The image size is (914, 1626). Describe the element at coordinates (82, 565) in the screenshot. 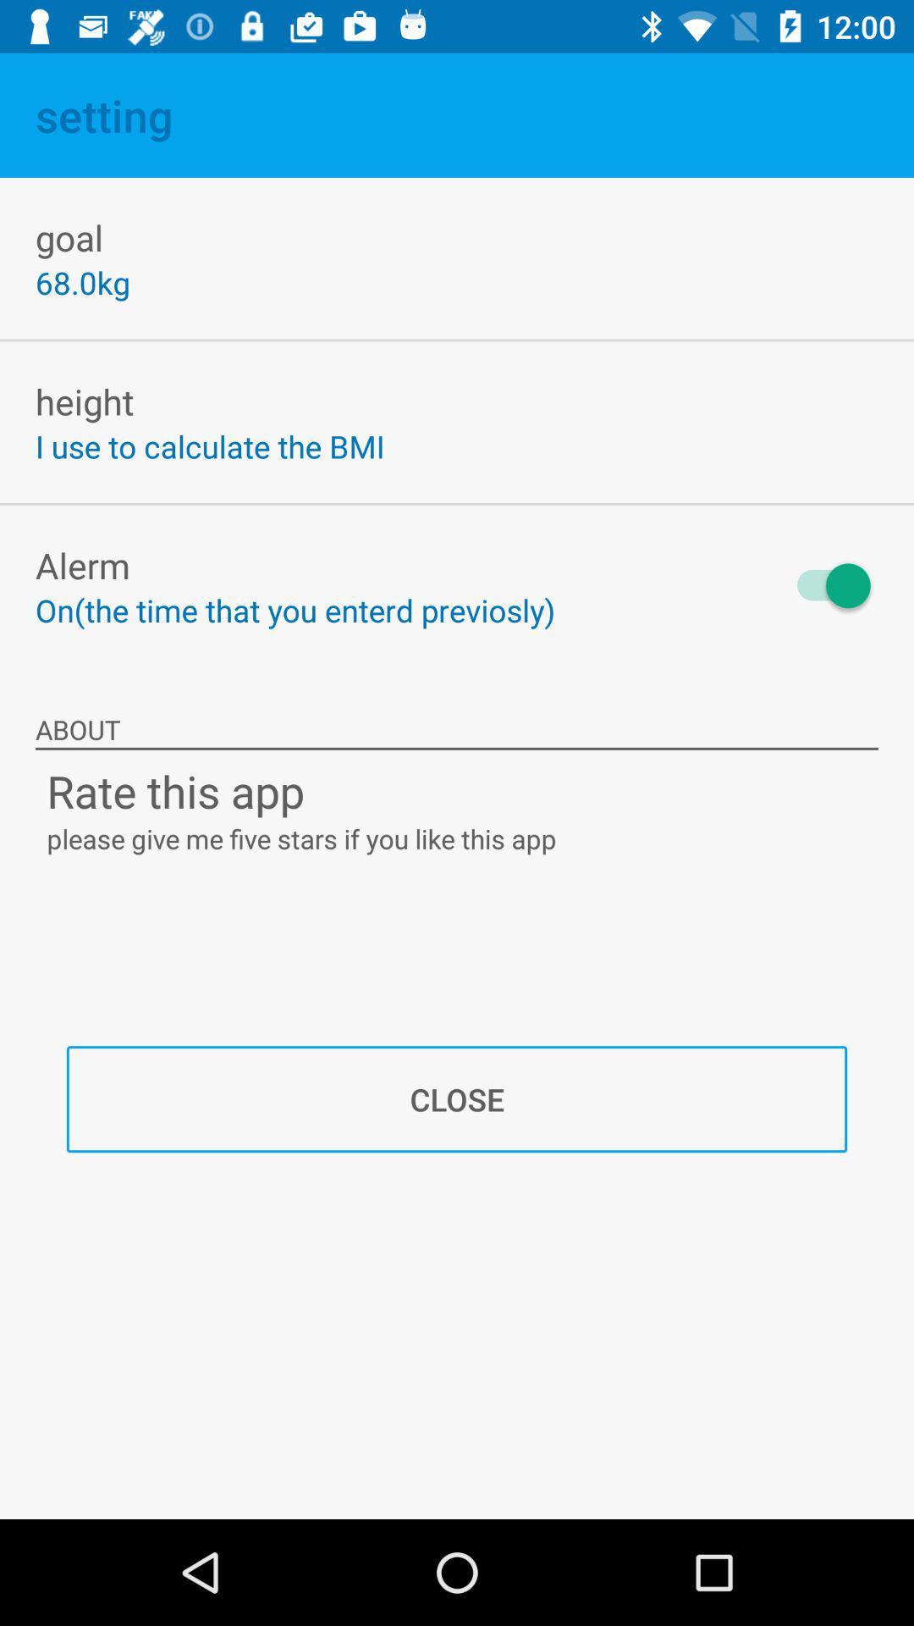

I see `the alerm icon` at that location.